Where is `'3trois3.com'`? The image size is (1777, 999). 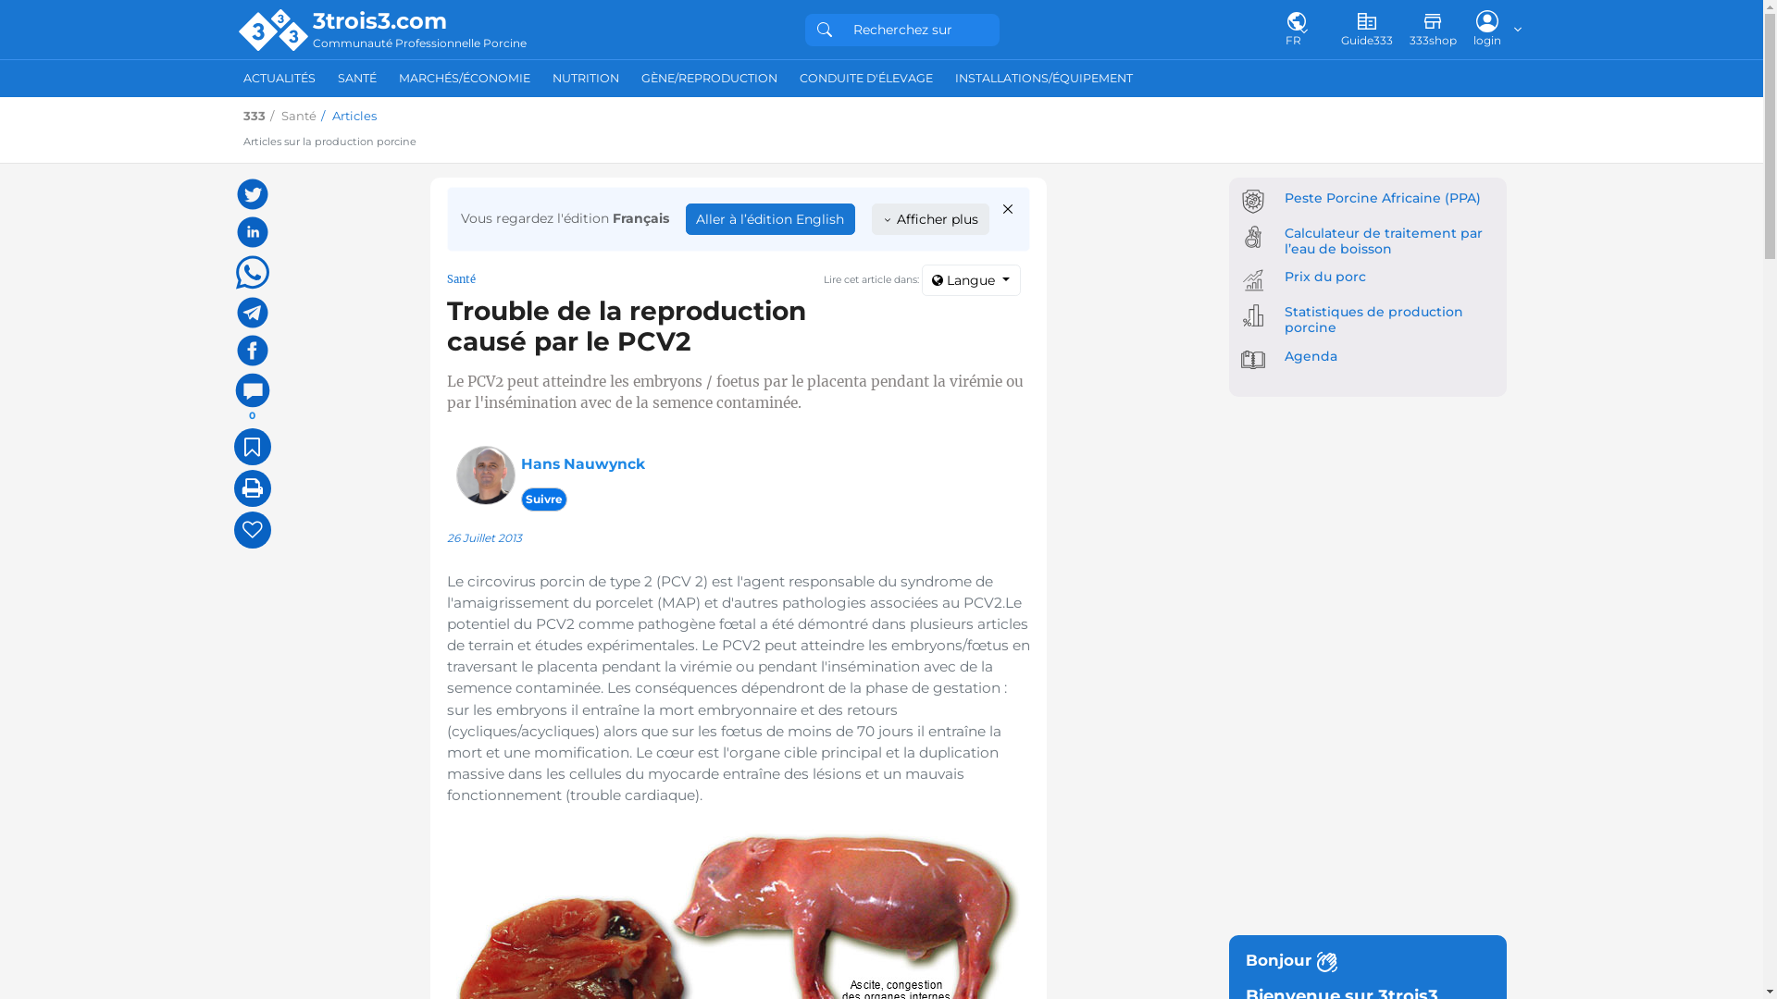
'3trois3.com' is located at coordinates (418, 21).